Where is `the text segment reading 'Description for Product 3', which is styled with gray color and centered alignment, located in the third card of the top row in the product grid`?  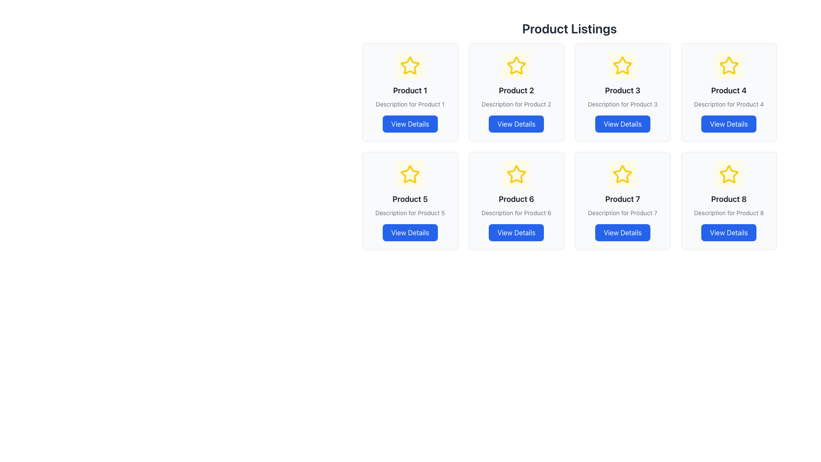 the text segment reading 'Description for Product 3', which is styled with gray color and centered alignment, located in the third card of the top row in the product grid is located at coordinates (623, 104).